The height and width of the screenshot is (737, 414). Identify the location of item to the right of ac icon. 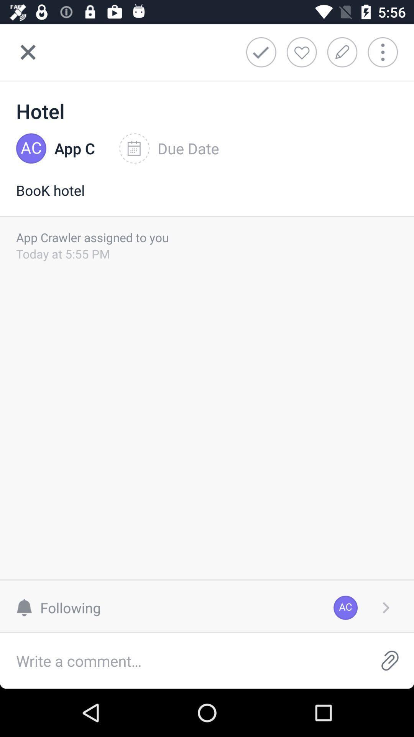
(386, 607).